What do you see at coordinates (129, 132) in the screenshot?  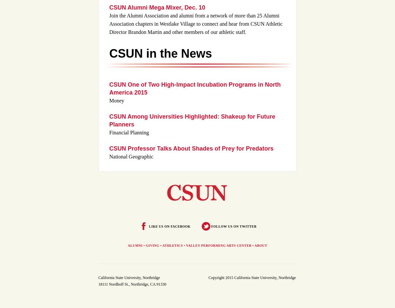 I see `'Financial Planning'` at bounding box center [129, 132].